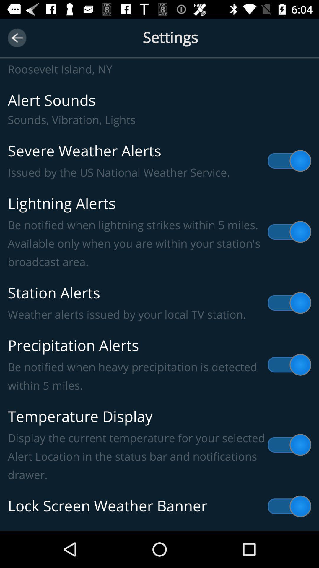  Describe the element at coordinates (159, 109) in the screenshot. I see `alert sounds sounds` at that location.